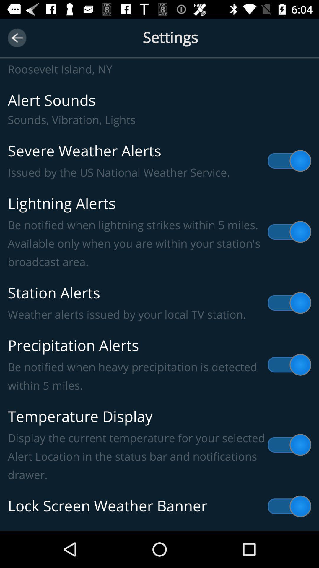  Describe the element at coordinates (159, 109) in the screenshot. I see `alert sounds sounds` at that location.